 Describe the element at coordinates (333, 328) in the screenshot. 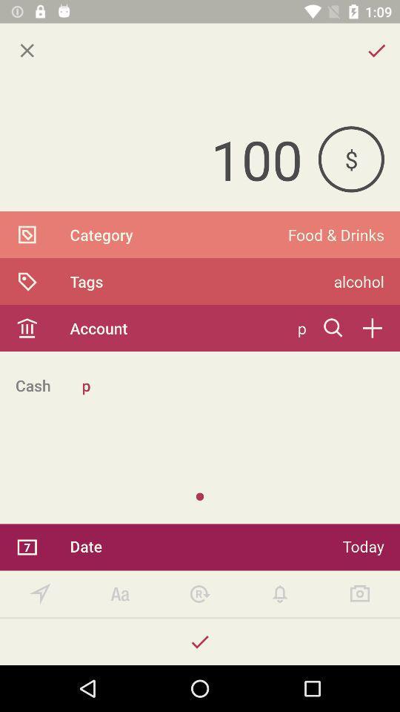

I see `the search icon` at that location.